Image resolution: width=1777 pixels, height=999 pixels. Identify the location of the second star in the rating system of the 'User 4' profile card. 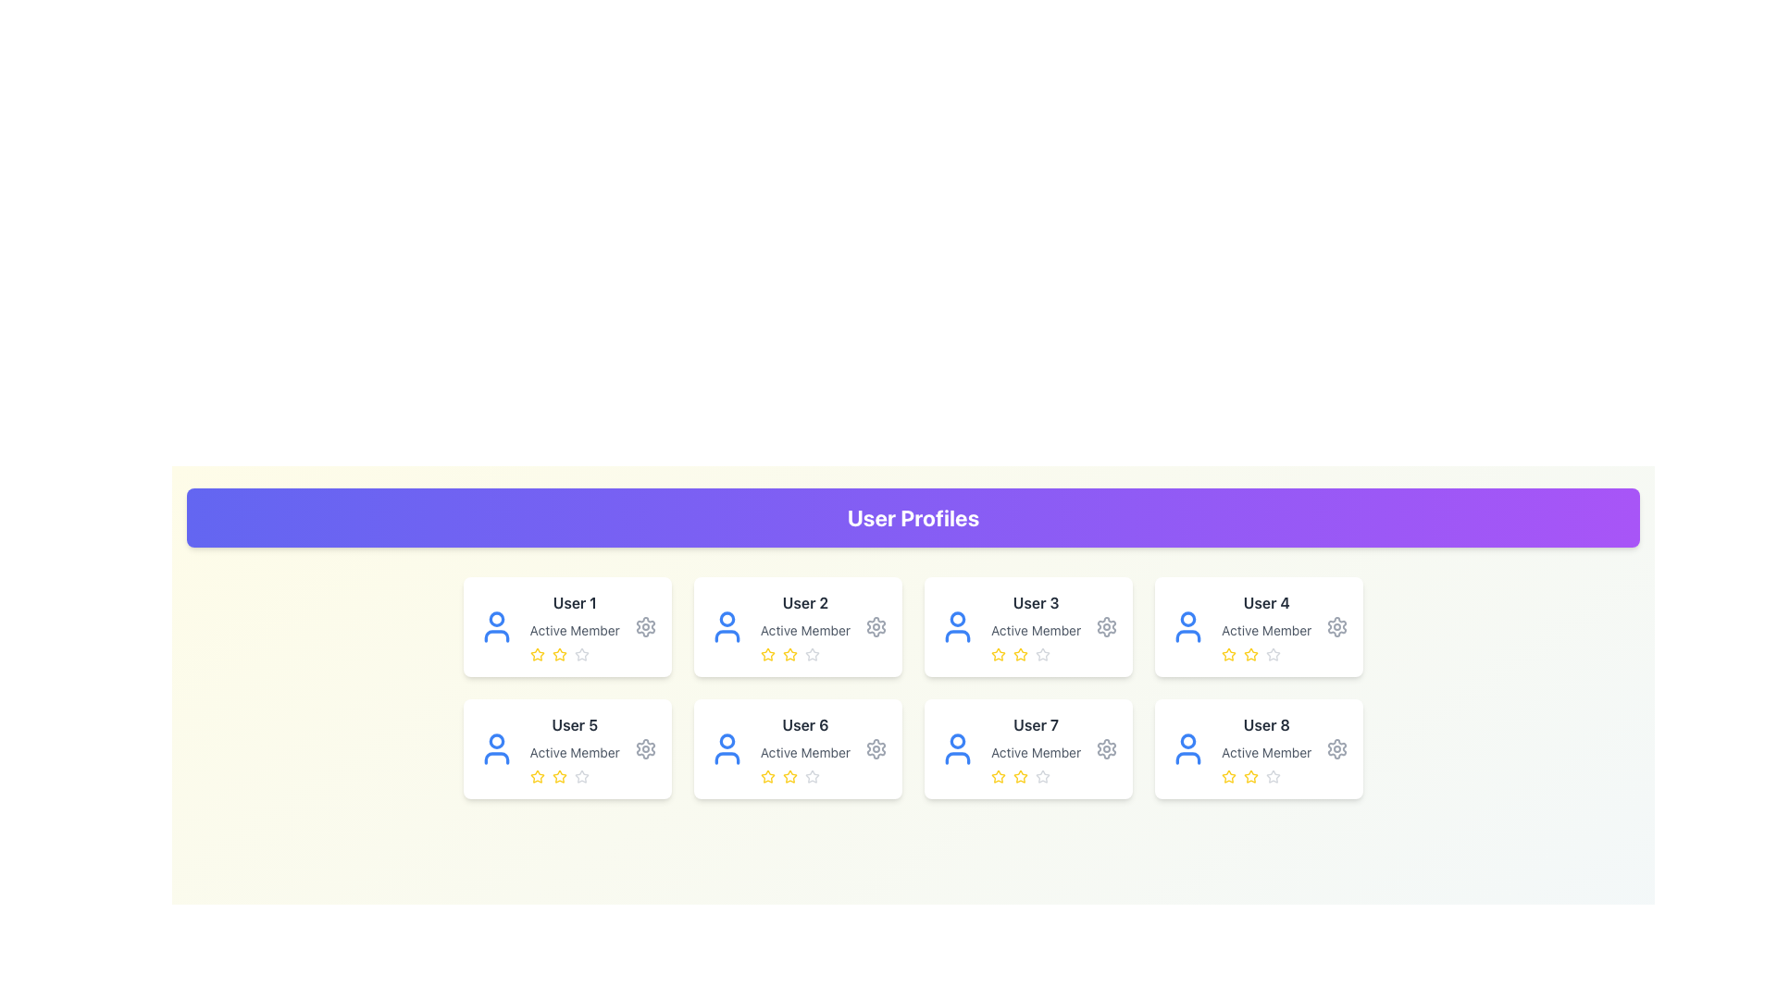
(1251, 653).